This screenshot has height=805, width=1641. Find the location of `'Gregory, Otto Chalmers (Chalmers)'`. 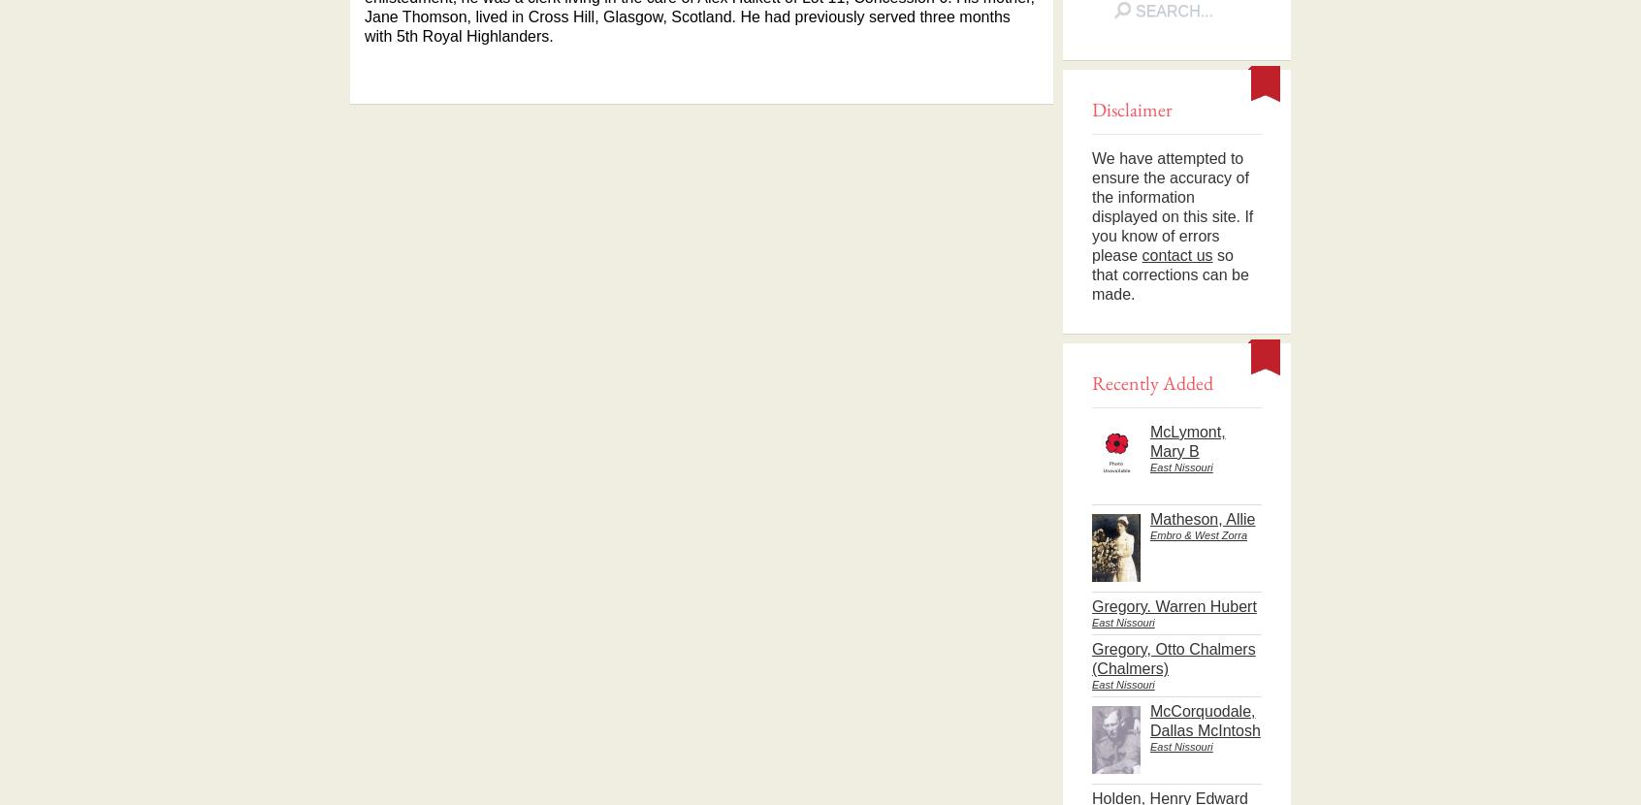

'Gregory, Otto Chalmers (Chalmers)' is located at coordinates (1173, 659).